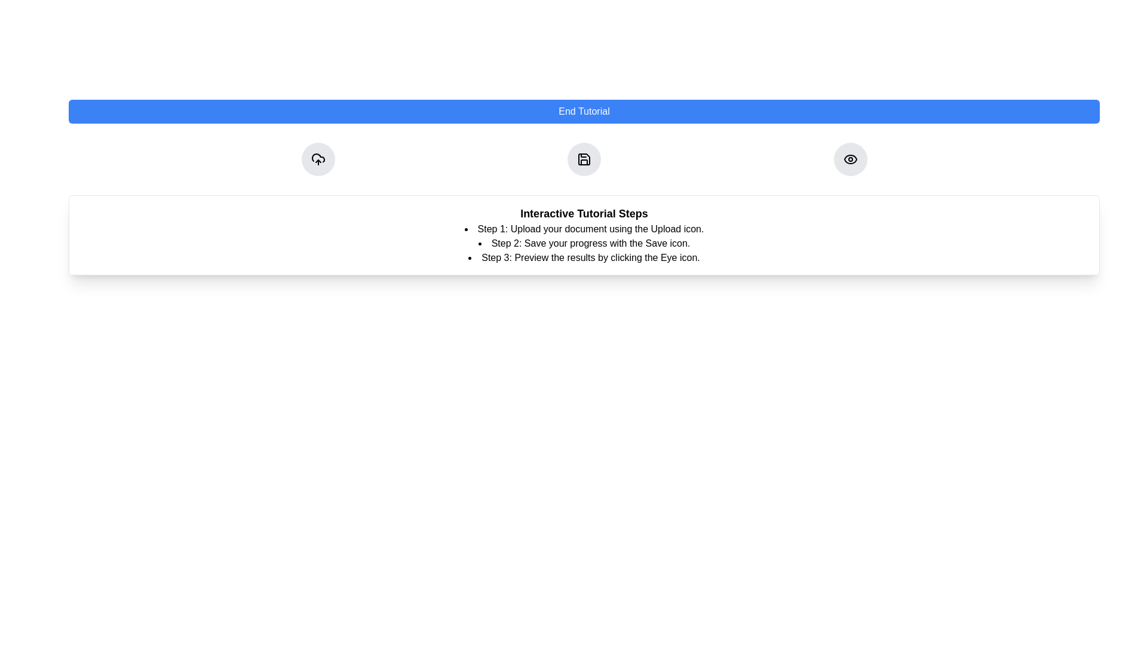  What do you see at coordinates (318, 158) in the screenshot?
I see `the interactive circular button with a gray background and a cloud icon with an upward arrow` at bounding box center [318, 158].